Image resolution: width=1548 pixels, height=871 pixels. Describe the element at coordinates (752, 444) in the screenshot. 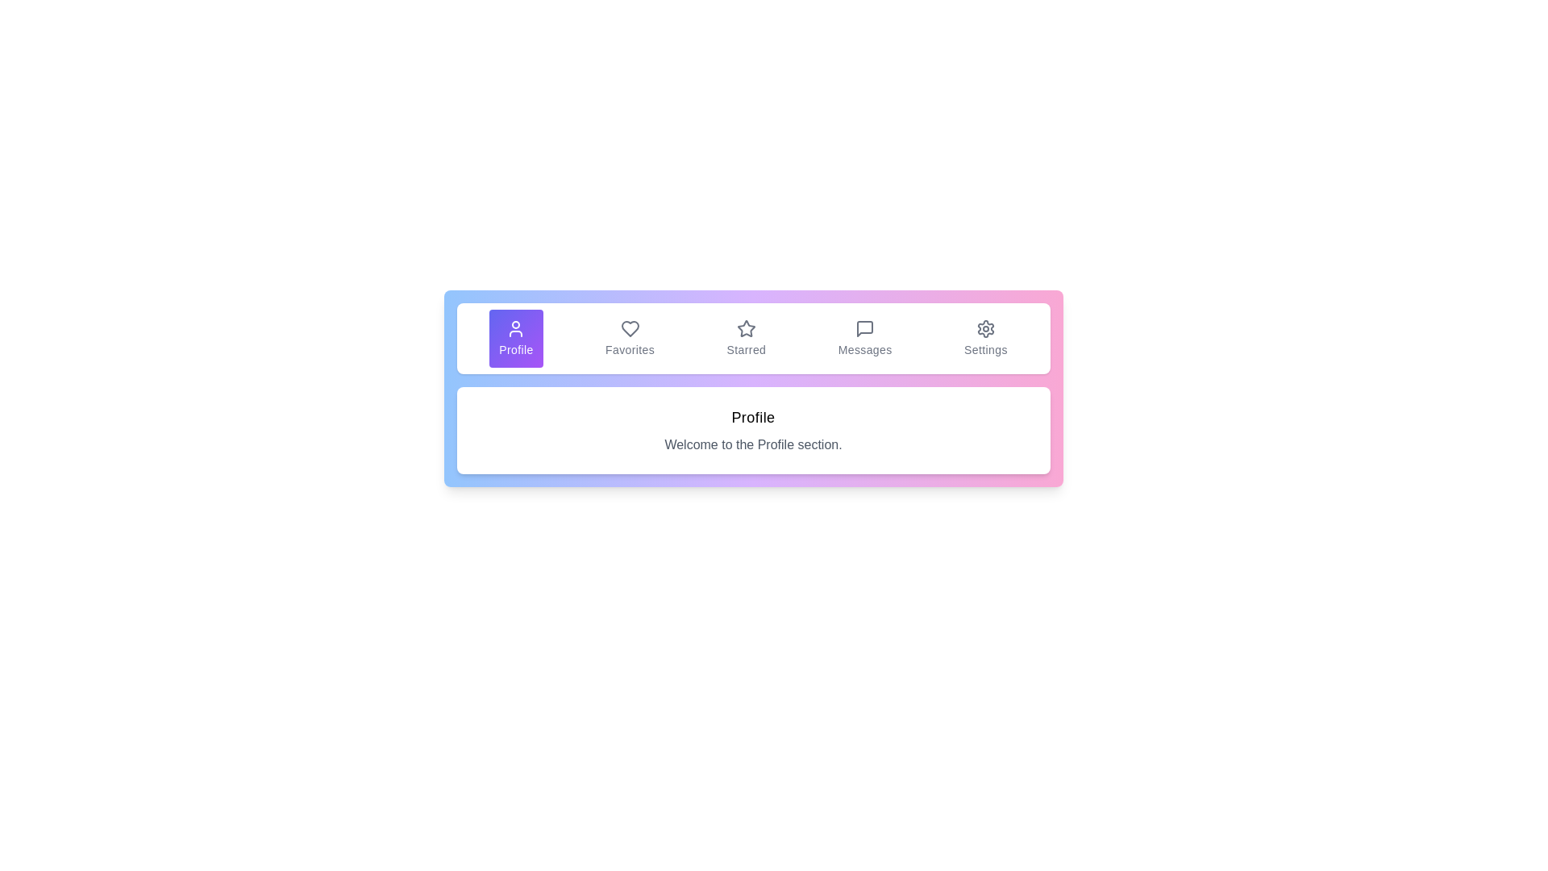

I see `the content area and copy the text 'Welcome to the Profile section.'` at that location.